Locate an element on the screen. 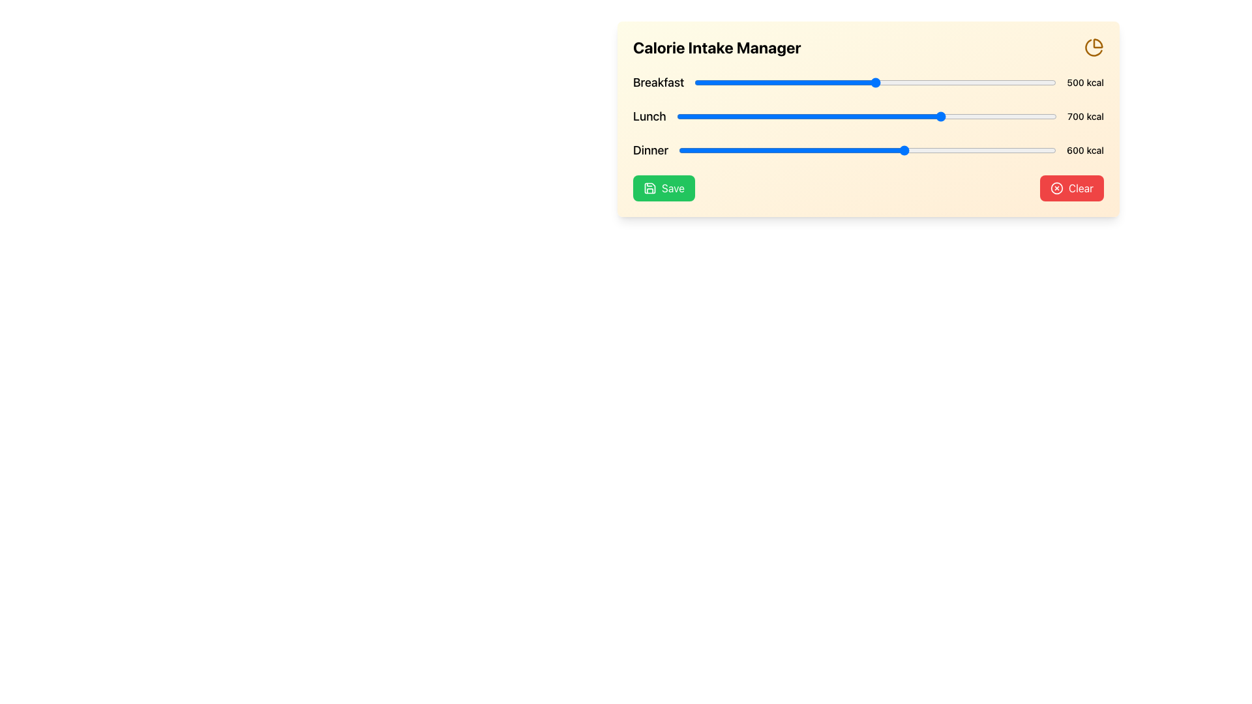 This screenshot has height=704, width=1252. the circular icon with an 'X' on a red background, located to the left of the 'Clear' button text in the red rectangular area labeled 'Clear' is located at coordinates (1057, 188).